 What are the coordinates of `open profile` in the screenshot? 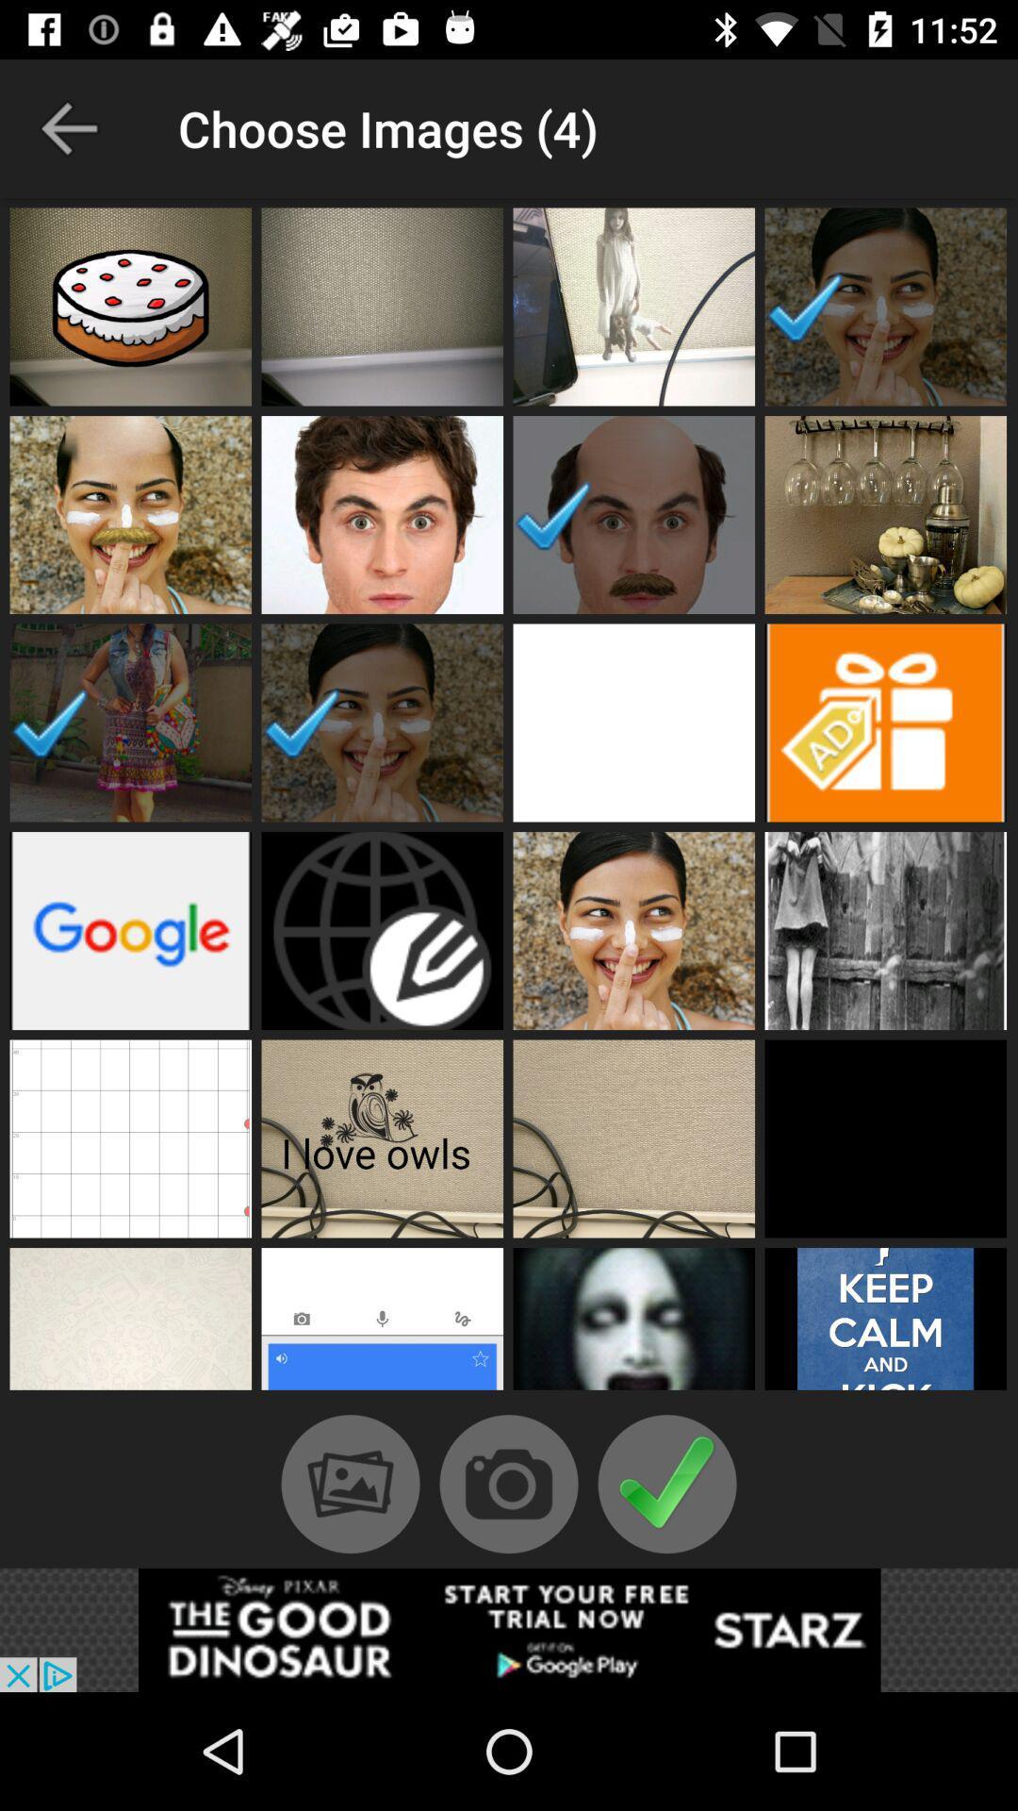 It's located at (129, 515).